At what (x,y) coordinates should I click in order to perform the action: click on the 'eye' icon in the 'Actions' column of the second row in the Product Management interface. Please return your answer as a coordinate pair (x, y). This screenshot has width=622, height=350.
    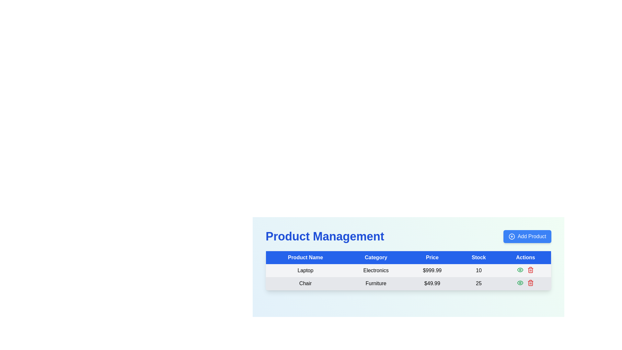
    Looking at the image, I should click on (520, 270).